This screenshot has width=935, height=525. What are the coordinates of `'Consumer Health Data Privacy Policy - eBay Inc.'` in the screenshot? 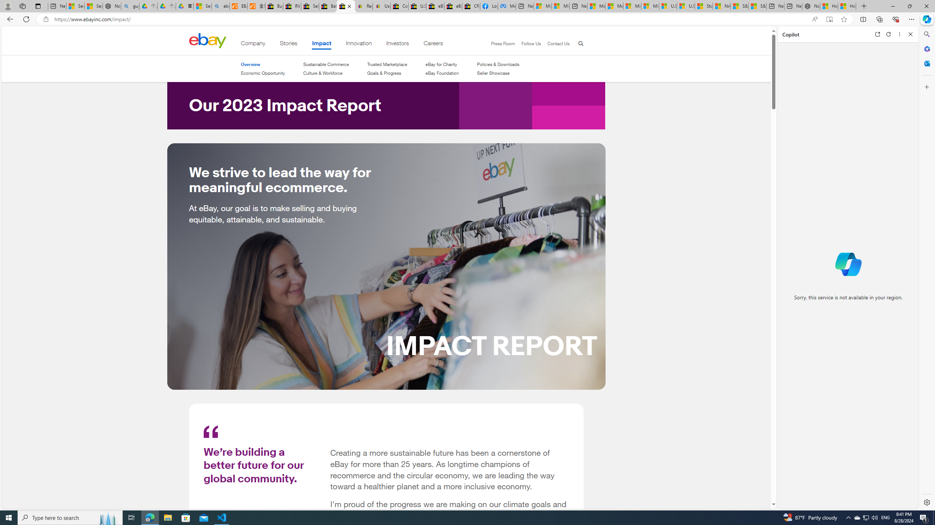 It's located at (399, 6).